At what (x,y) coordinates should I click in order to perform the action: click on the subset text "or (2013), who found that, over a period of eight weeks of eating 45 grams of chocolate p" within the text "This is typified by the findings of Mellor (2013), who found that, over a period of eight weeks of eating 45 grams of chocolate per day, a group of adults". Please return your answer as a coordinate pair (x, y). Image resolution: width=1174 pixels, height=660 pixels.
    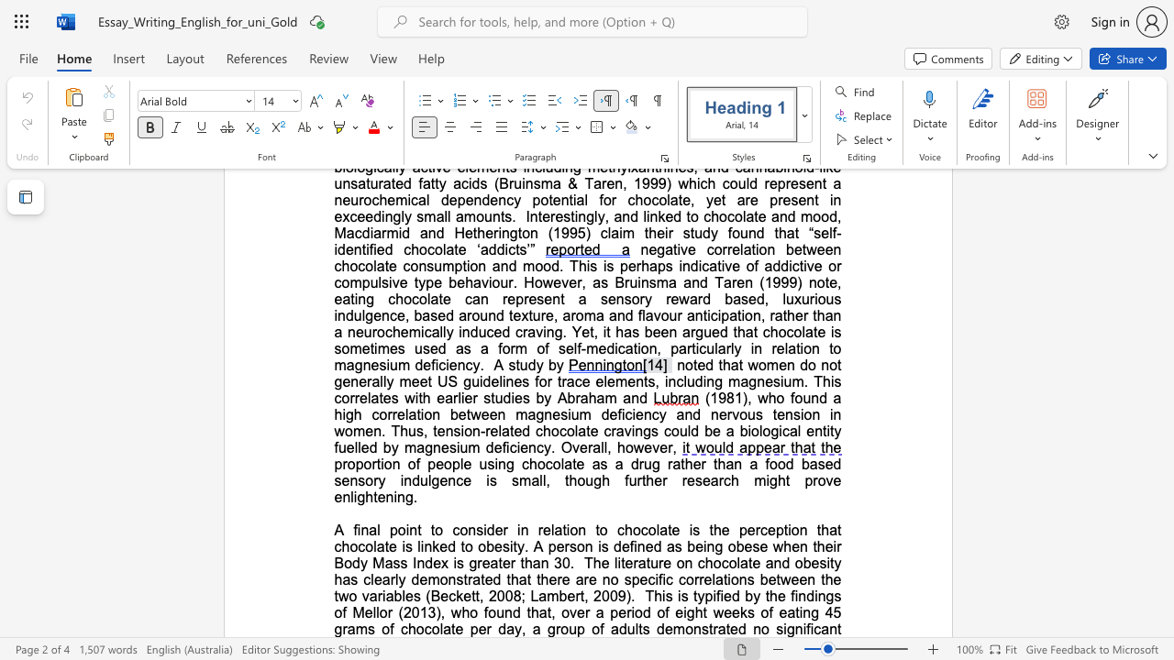
    Looking at the image, I should click on (378, 612).